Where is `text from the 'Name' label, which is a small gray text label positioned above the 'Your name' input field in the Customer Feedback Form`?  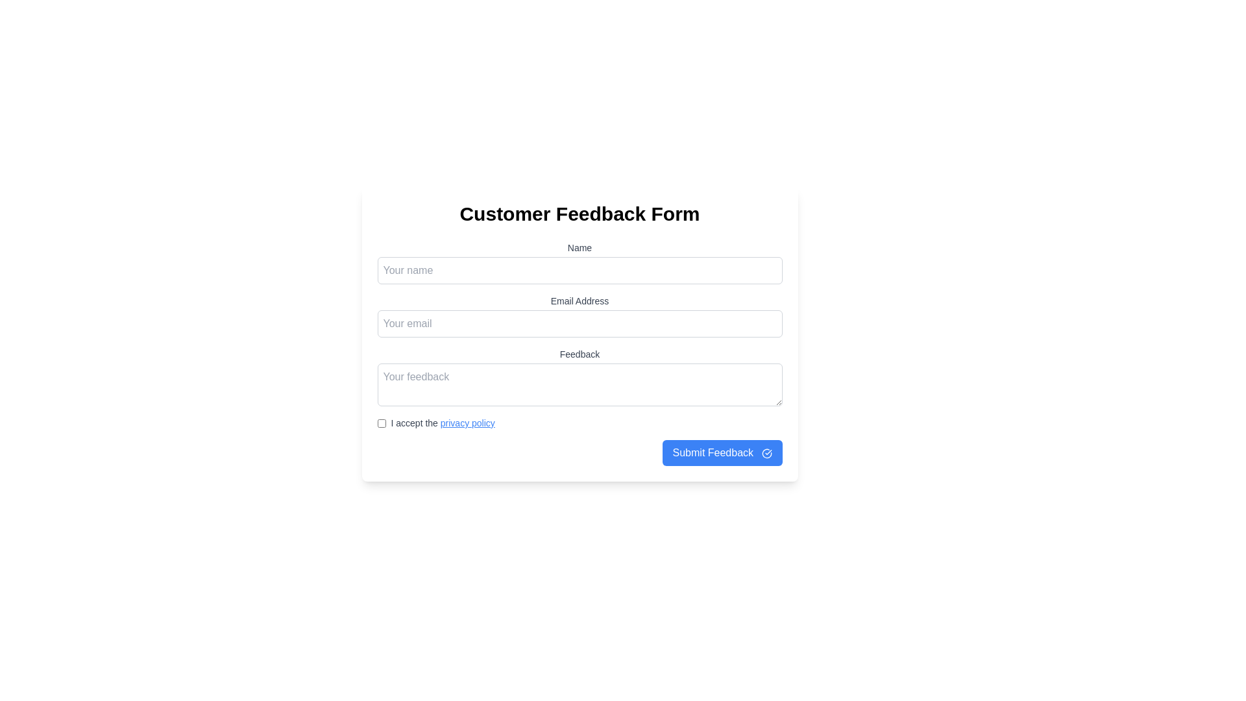 text from the 'Name' label, which is a small gray text label positioned above the 'Your name' input field in the Customer Feedback Form is located at coordinates (579, 247).